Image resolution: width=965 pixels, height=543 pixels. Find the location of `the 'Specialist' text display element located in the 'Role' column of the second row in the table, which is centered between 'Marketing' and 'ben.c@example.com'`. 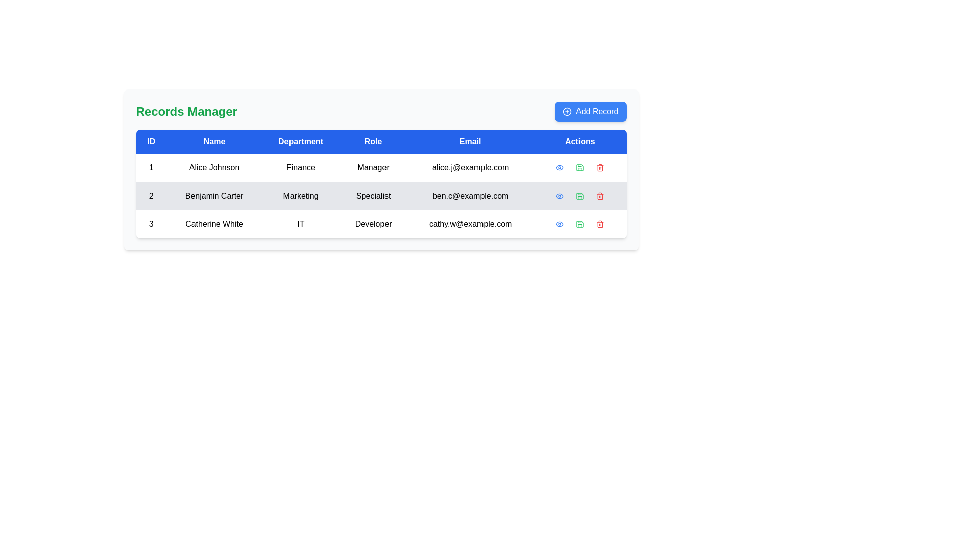

the 'Specialist' text display element located in the 'Role' column of the second row in the table, which is centered between 'Marketing' and 'ben.c@example.com' is located at coordinates (373, 196).